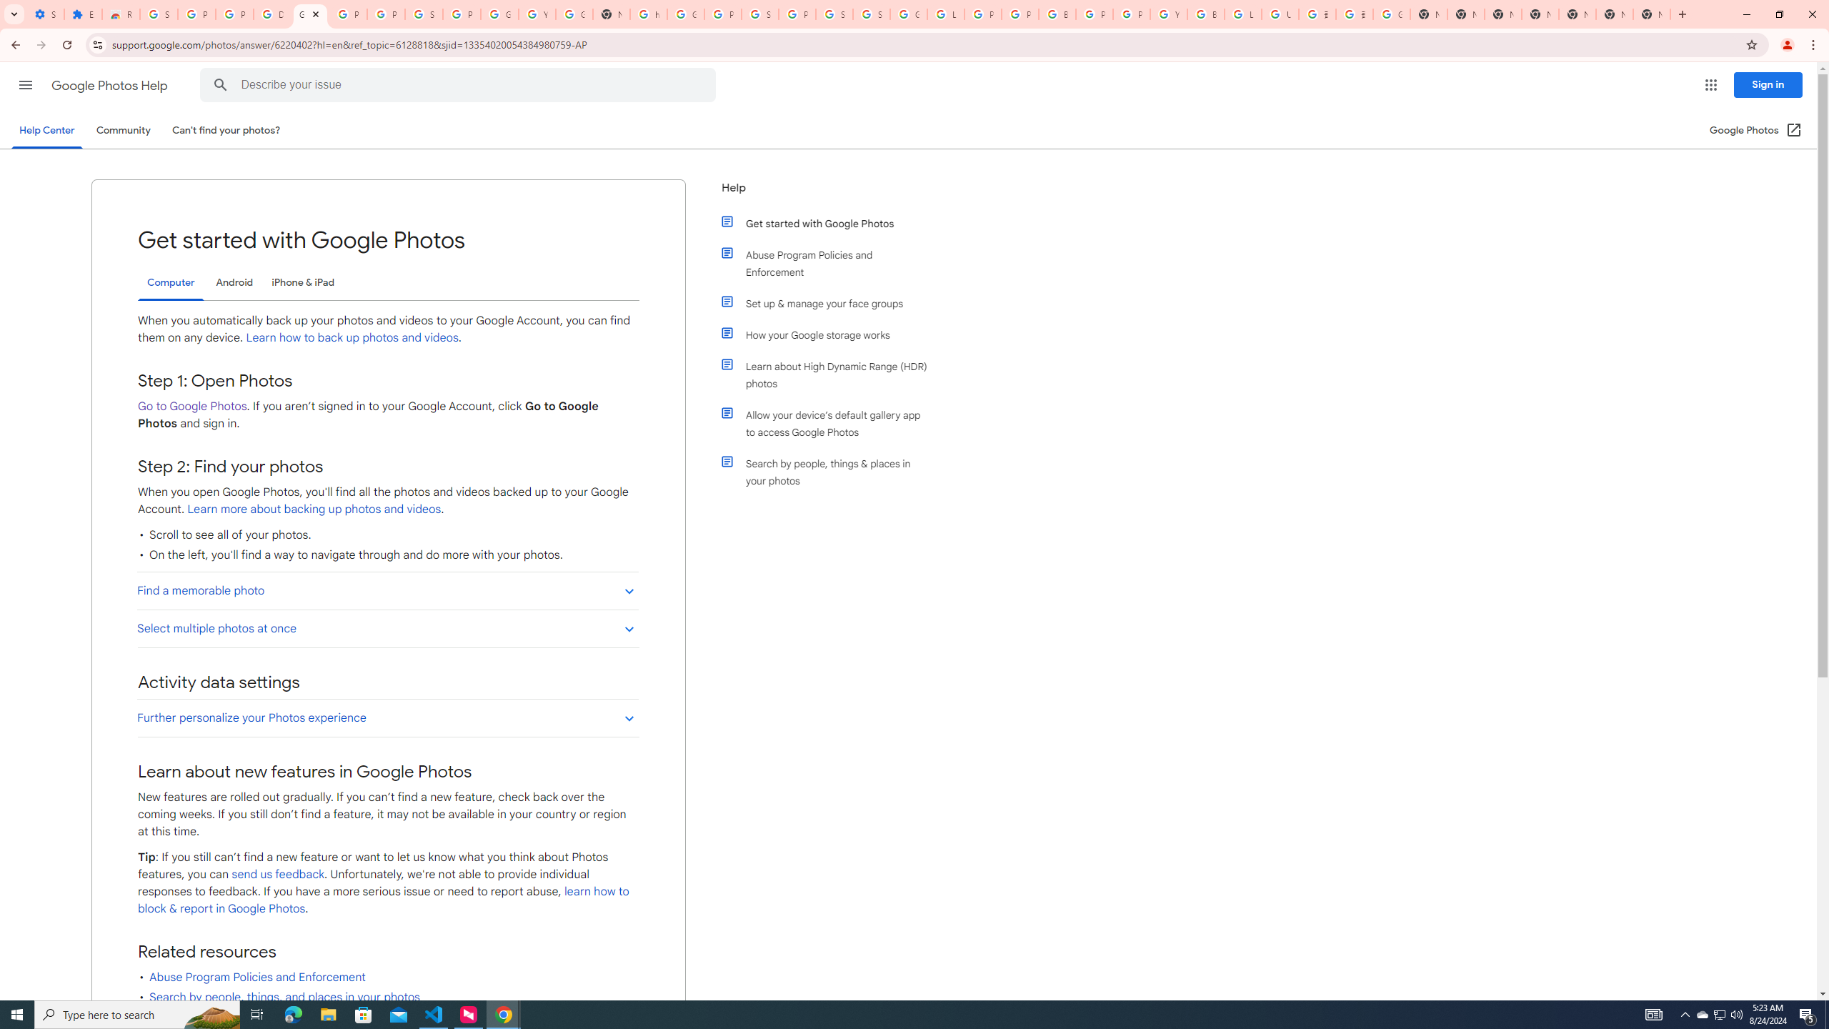  I want to click on 'Learn how to back up photos and videos', so click(352, 337).